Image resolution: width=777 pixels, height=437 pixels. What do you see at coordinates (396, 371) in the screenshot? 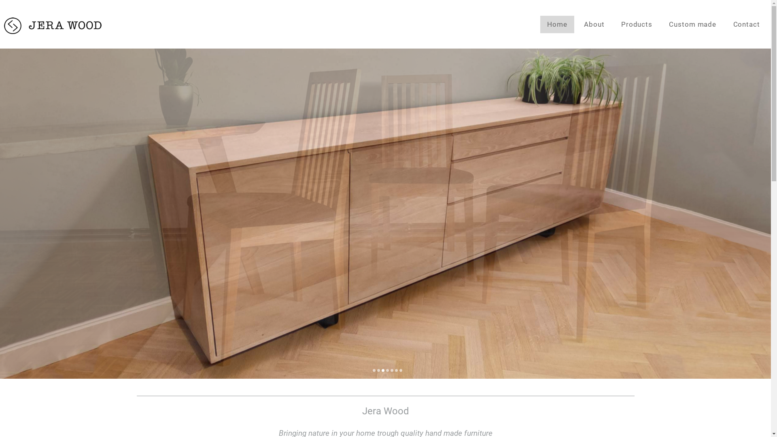
I see `'6'` at bounding box center [396, 371].